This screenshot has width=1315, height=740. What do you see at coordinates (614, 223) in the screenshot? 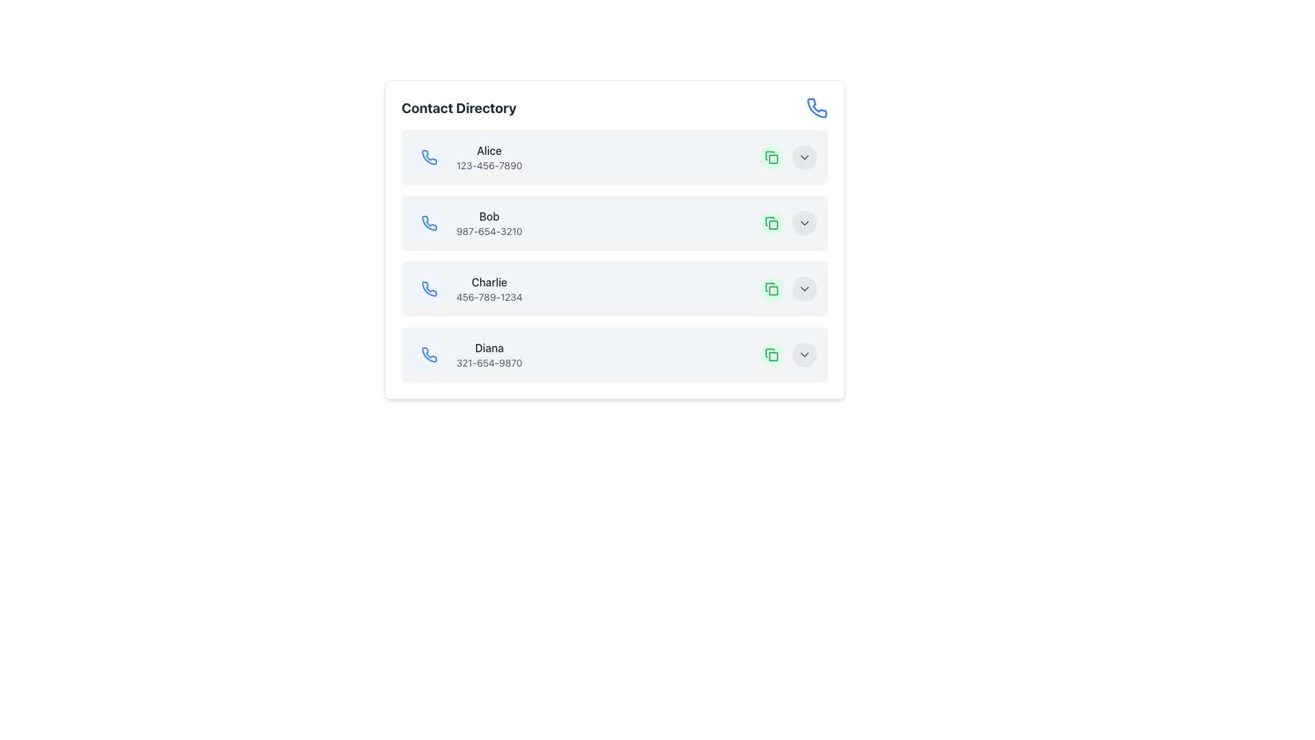
I see `the contact display card for 'Bob', which shows the name and phone number, positioned as the second card in the 'Contact Directory' section` at bounding box center [614, 223].